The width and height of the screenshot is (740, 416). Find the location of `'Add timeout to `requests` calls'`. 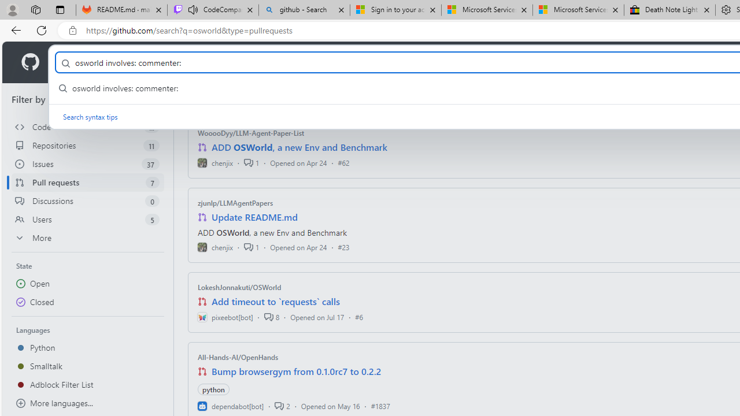

'Add timeout to `requests` calls' is located at coordinates (275, 301).